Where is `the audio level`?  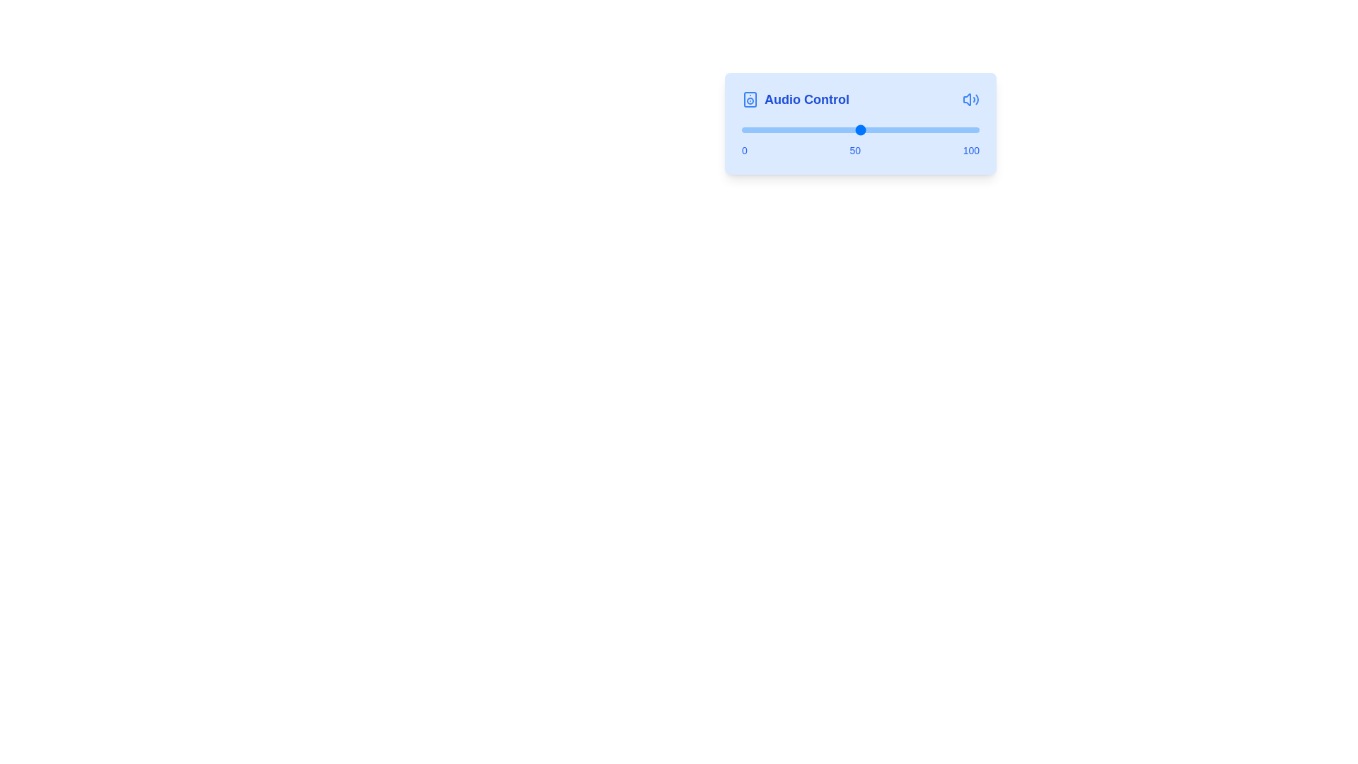 the audio level is located at coordinates (864, 130).